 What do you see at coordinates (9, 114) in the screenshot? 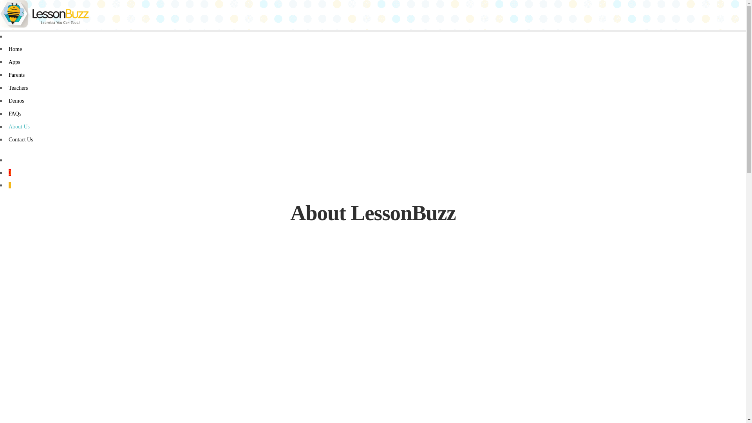
I see `'FAQs'` at bounding box center [9, 114].